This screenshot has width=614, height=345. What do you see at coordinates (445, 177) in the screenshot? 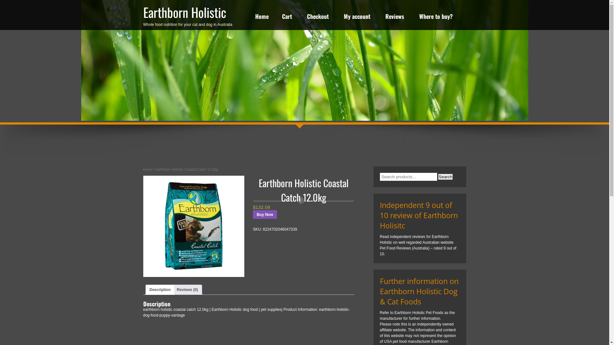
I see `'Search'` at bounding box center [445, 177].